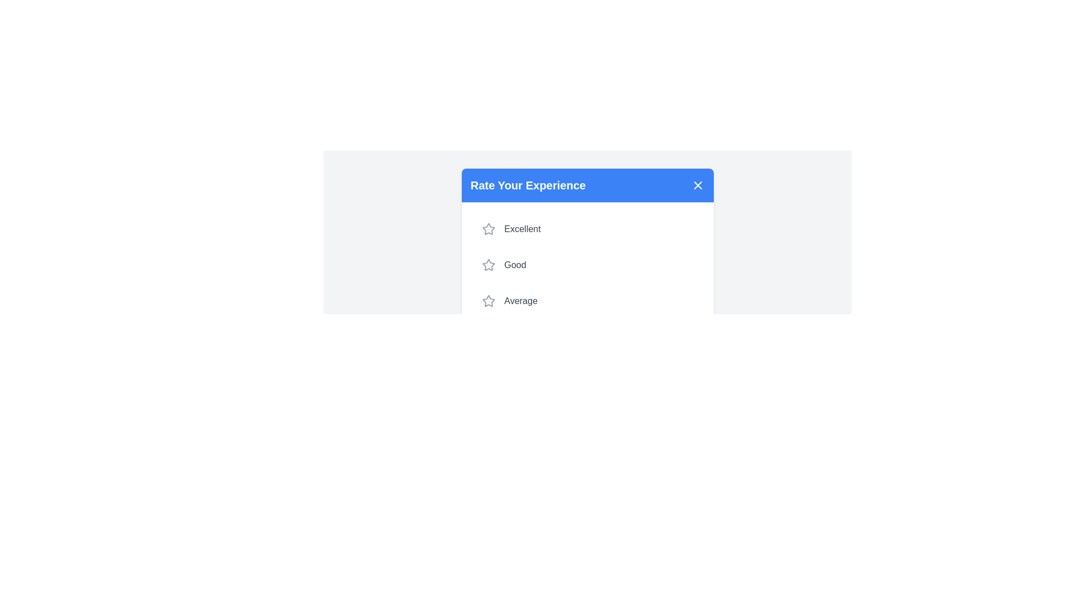  What do you see at coordinates (587, 265) in the screenshot?
I see `the rating option Good from the list` at bounding box center [587, 265].